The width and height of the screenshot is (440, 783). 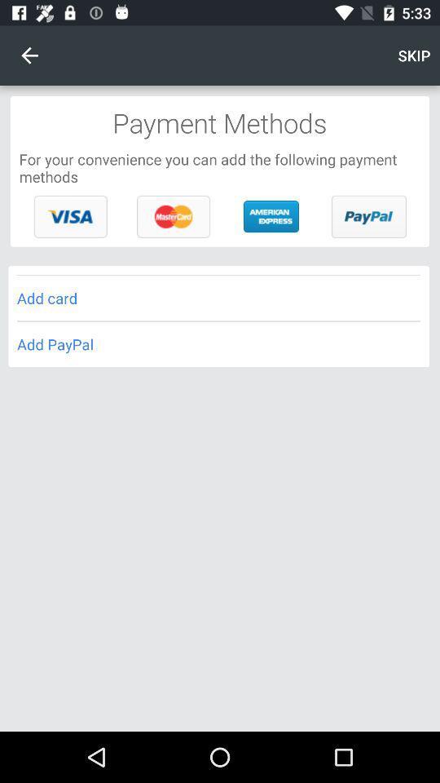 I want to click on skip item, so click(x=414, y=55).